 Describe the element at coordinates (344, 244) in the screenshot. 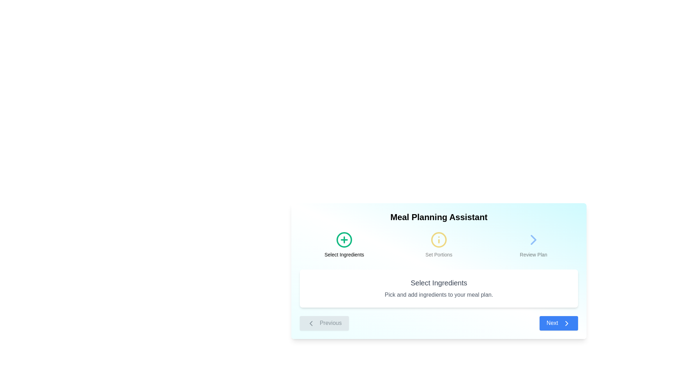

I see `the button-like selectable element on the leftmost position of the group of three, which signifies the option to select ingredients in the meal planning application` at that location.